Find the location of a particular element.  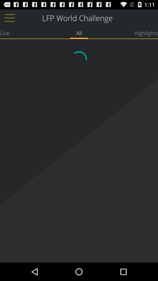

highlights is located at coordinates (146, 33).